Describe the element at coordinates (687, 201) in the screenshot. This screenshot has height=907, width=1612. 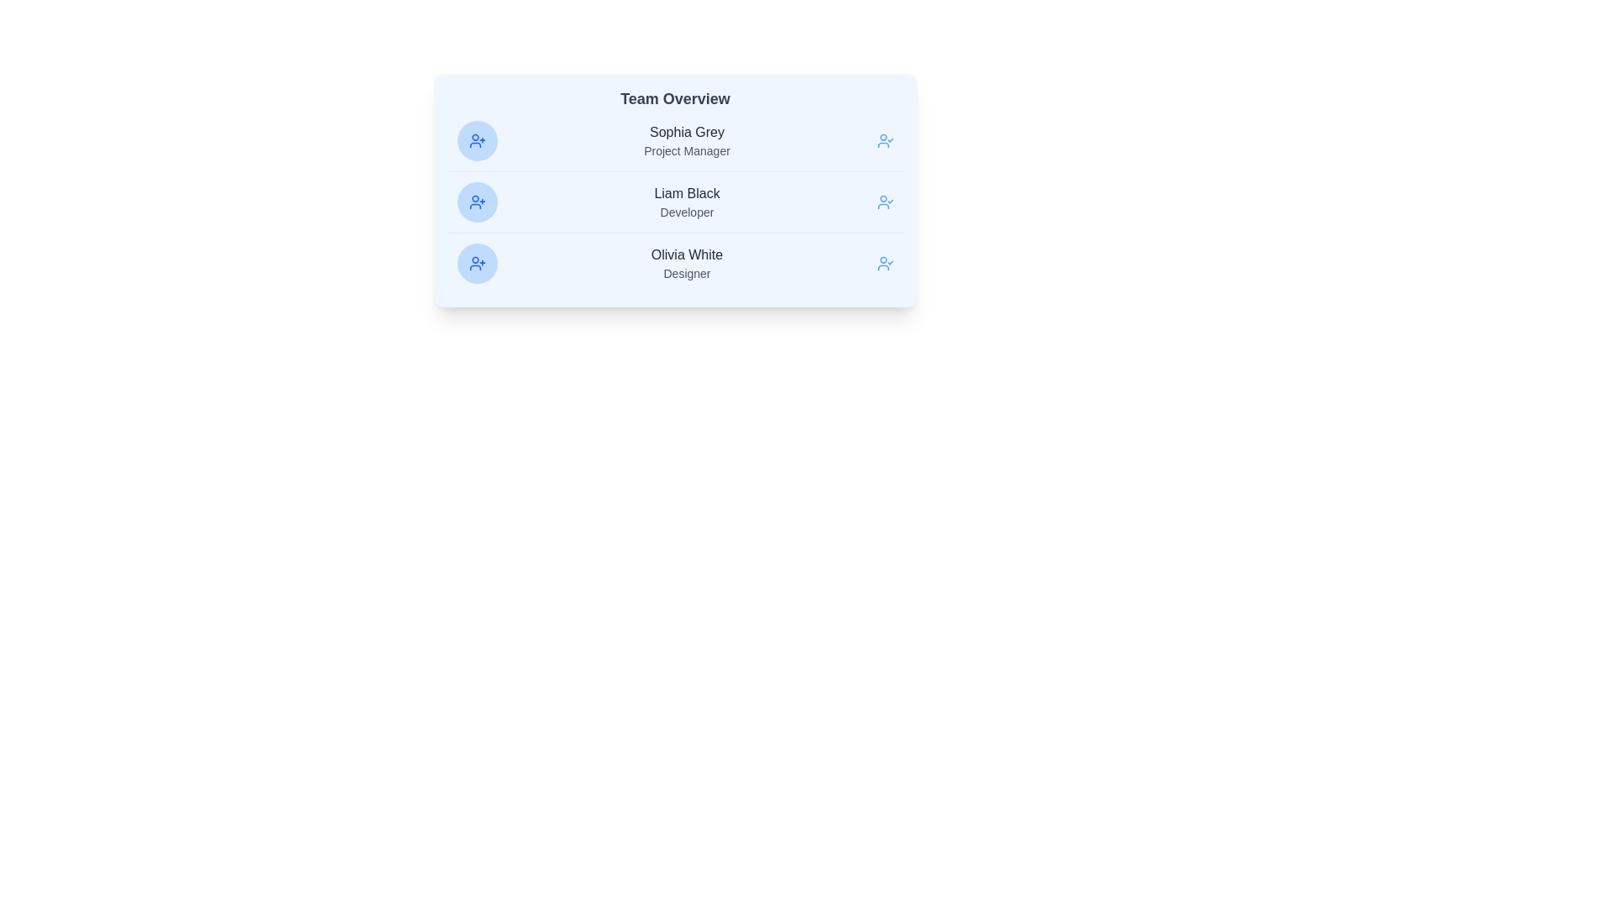
I see `the text display element showing 'Liam Black' and 'Developer' in a light blue card, which is the second item in a vertical list` at that location.